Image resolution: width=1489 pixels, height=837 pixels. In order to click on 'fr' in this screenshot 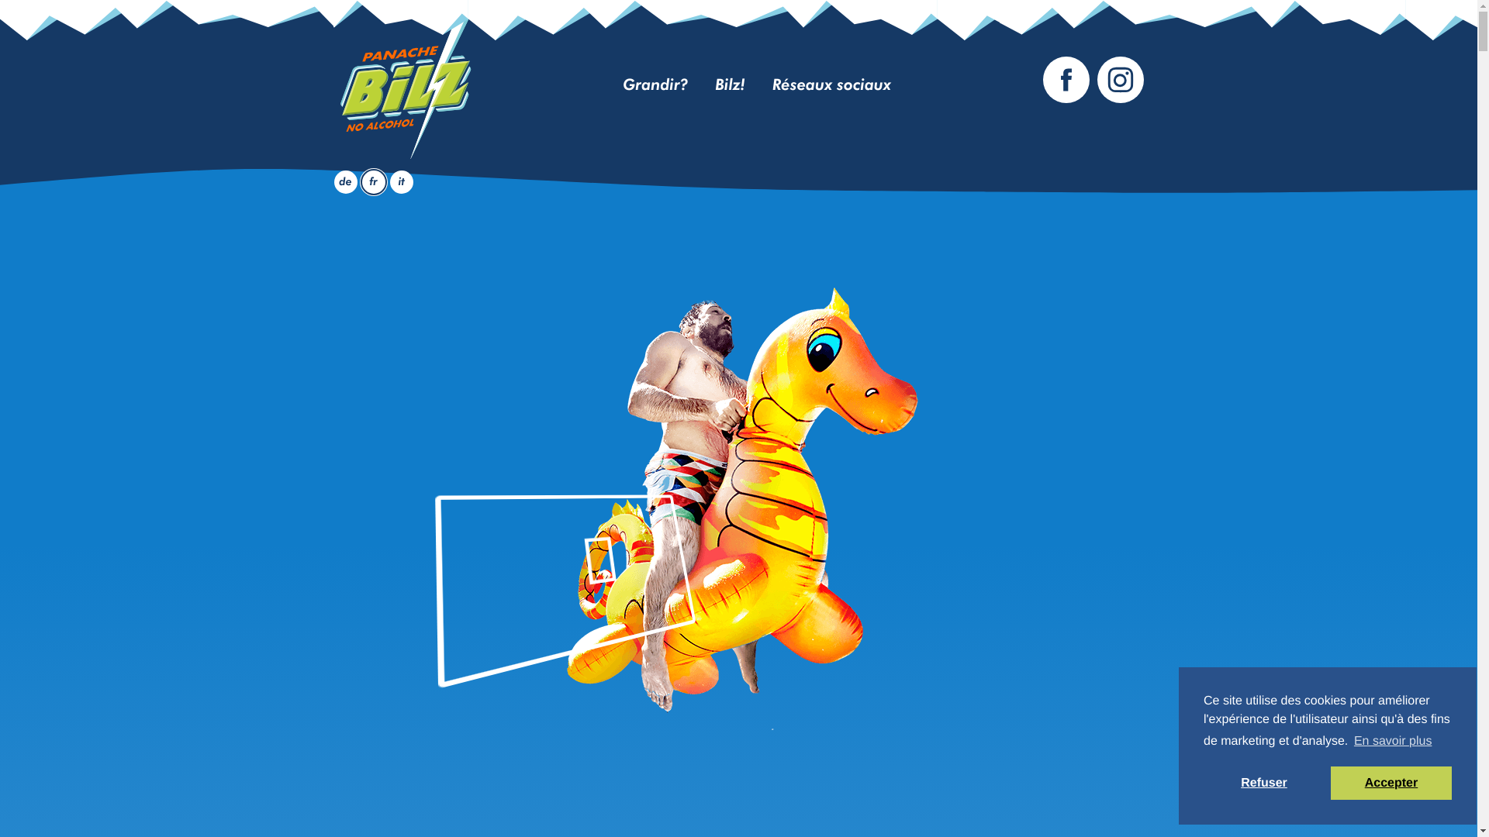, I will do `click(373, 181)`.